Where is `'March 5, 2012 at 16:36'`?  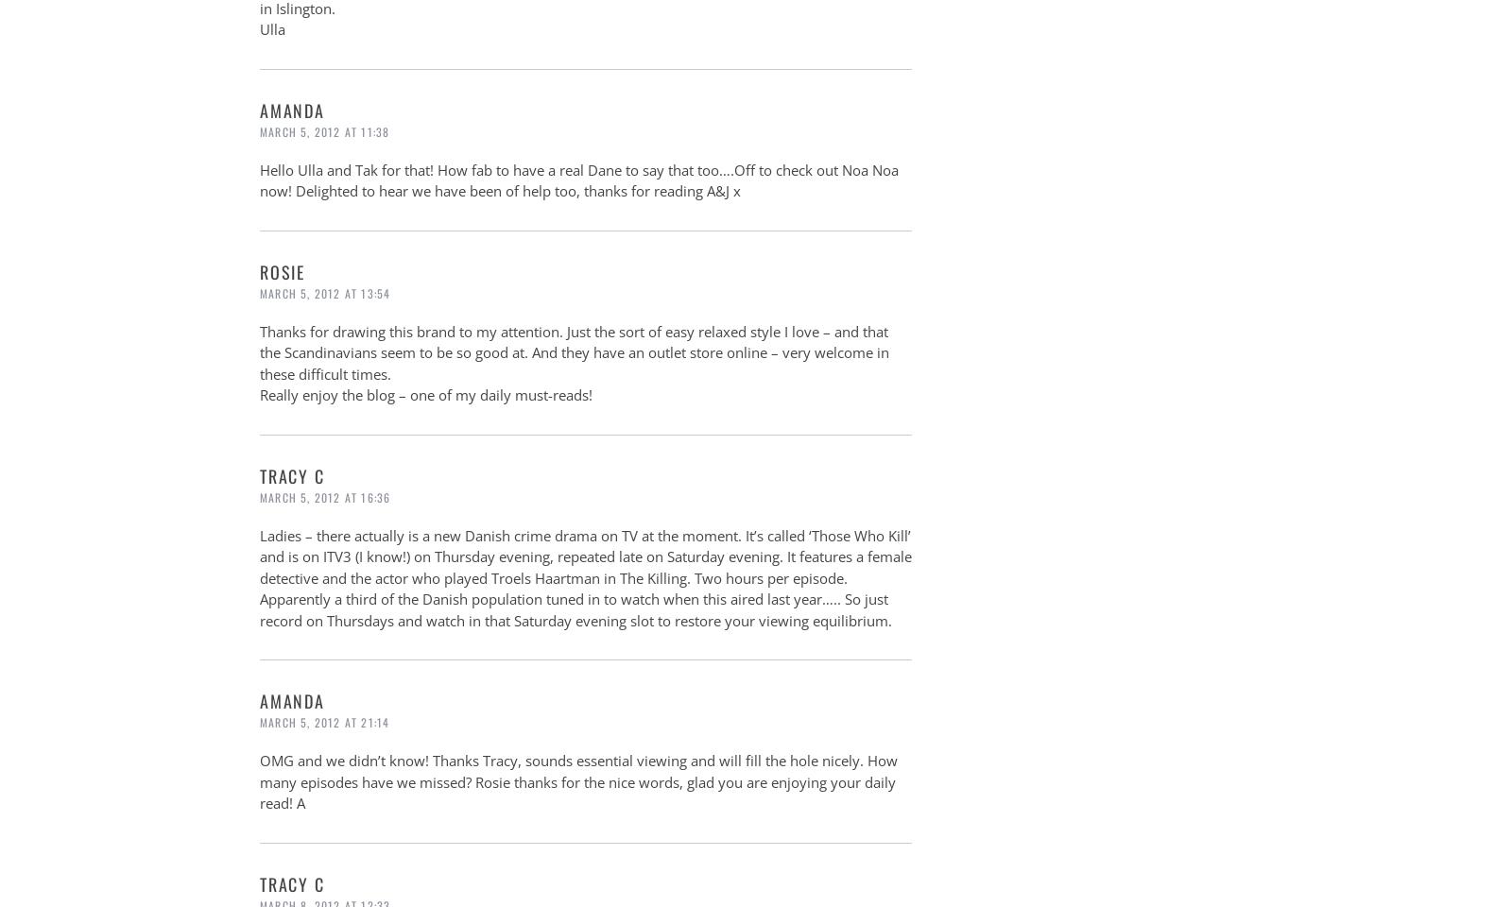 'March 5, 2012 at 16:36' is located at coordinates (260, 495).